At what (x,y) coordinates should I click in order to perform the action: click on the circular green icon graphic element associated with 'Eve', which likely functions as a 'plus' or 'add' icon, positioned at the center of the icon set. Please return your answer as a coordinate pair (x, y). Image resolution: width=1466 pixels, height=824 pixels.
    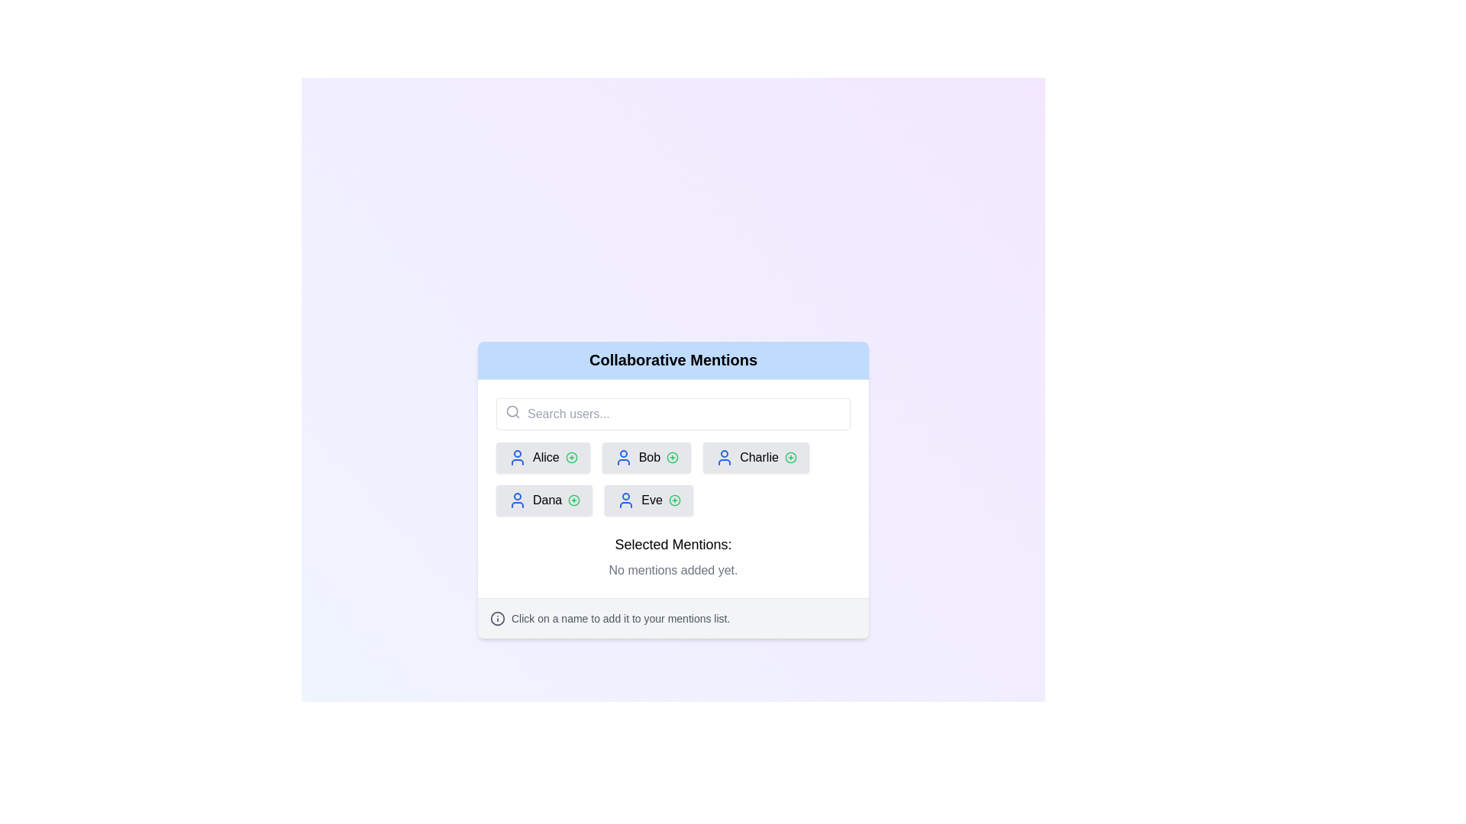
    Looking at the image, I should click on (673, 500).